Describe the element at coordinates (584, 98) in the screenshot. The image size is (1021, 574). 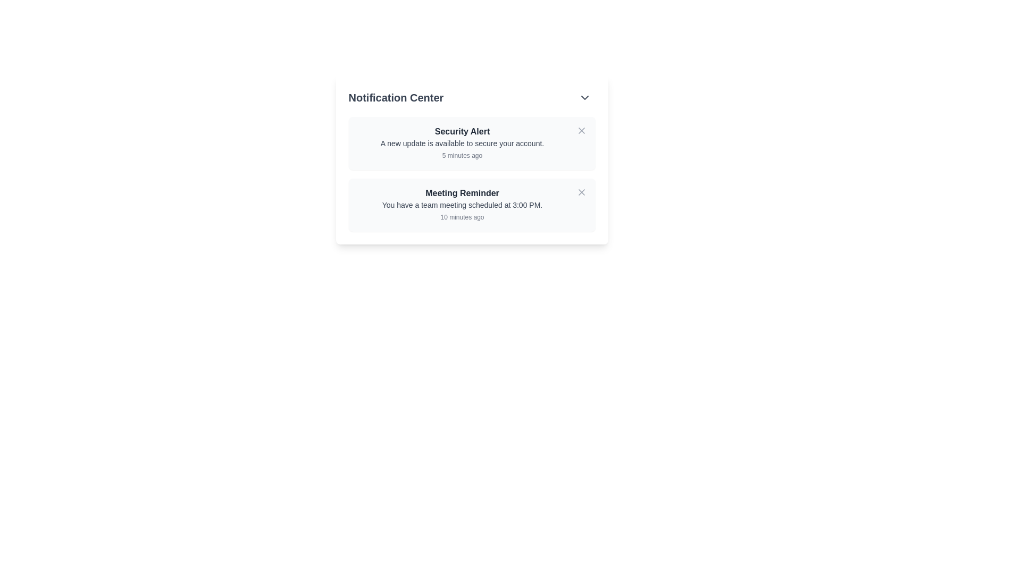
I see `the downward-facing chevron icon in the top-right corner of the notification dropdown panel` at that location.